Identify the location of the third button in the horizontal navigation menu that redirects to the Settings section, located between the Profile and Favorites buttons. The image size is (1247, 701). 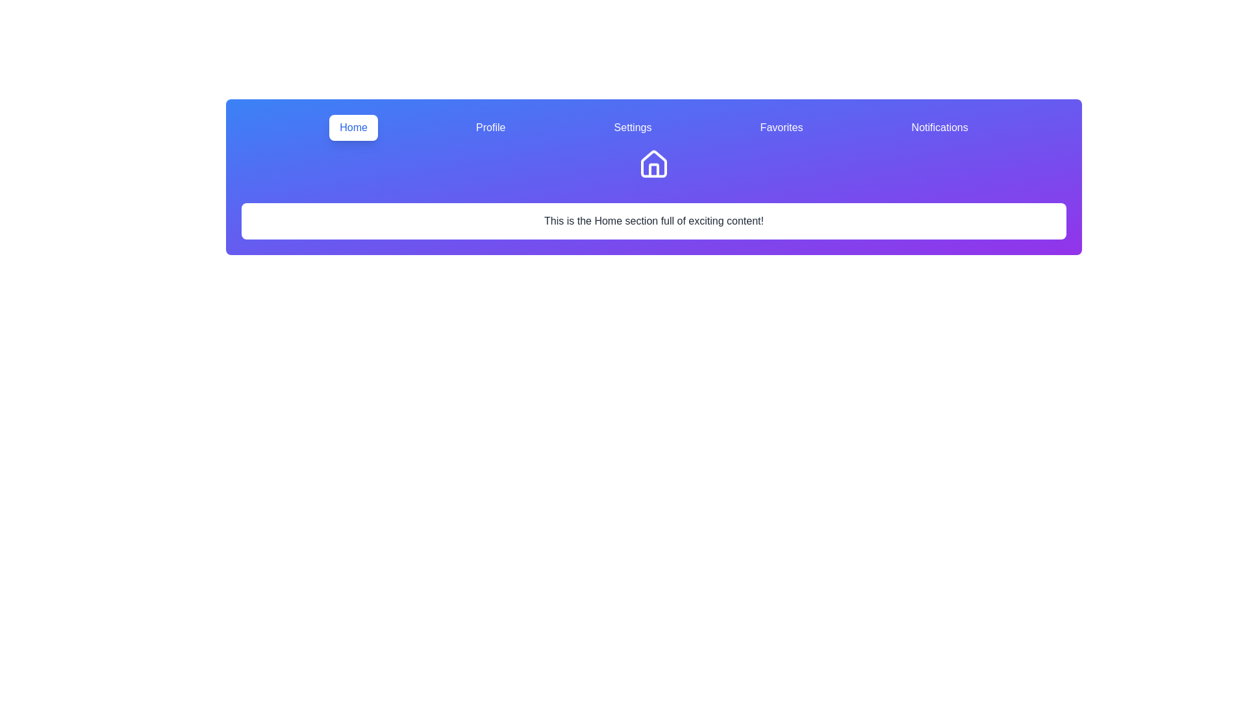
(633, 127).